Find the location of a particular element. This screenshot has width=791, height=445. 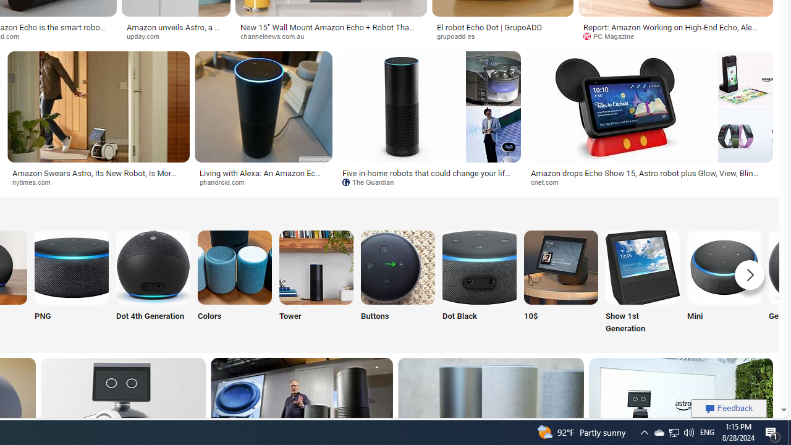

'Amazon Echo Buttons' is located at coordinates (397, 266).